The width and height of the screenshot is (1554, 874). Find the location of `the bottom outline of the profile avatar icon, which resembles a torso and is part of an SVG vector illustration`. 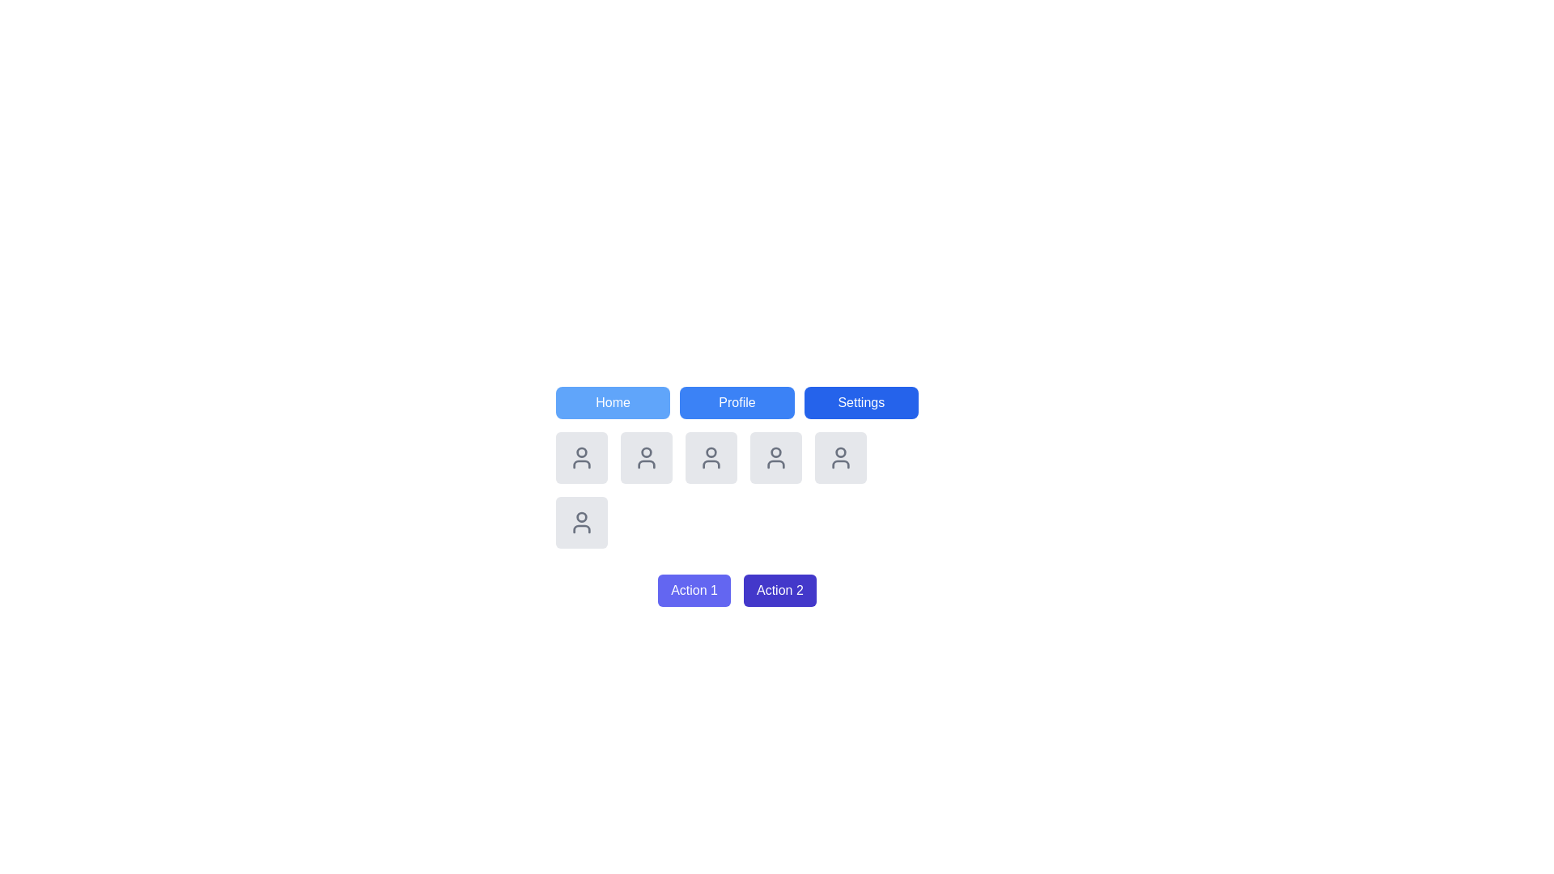

the bottom outline of the profile avatar icon, which resembles a torso and is part of an SVG vector illustration is located at coordinates (582, 465).